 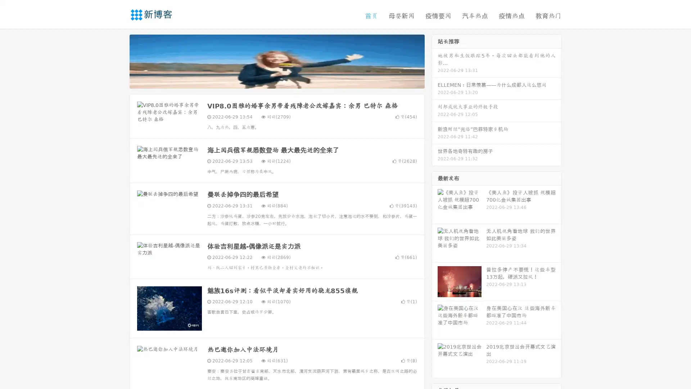 I want to click on Next slide, so click(x=435, y=61).